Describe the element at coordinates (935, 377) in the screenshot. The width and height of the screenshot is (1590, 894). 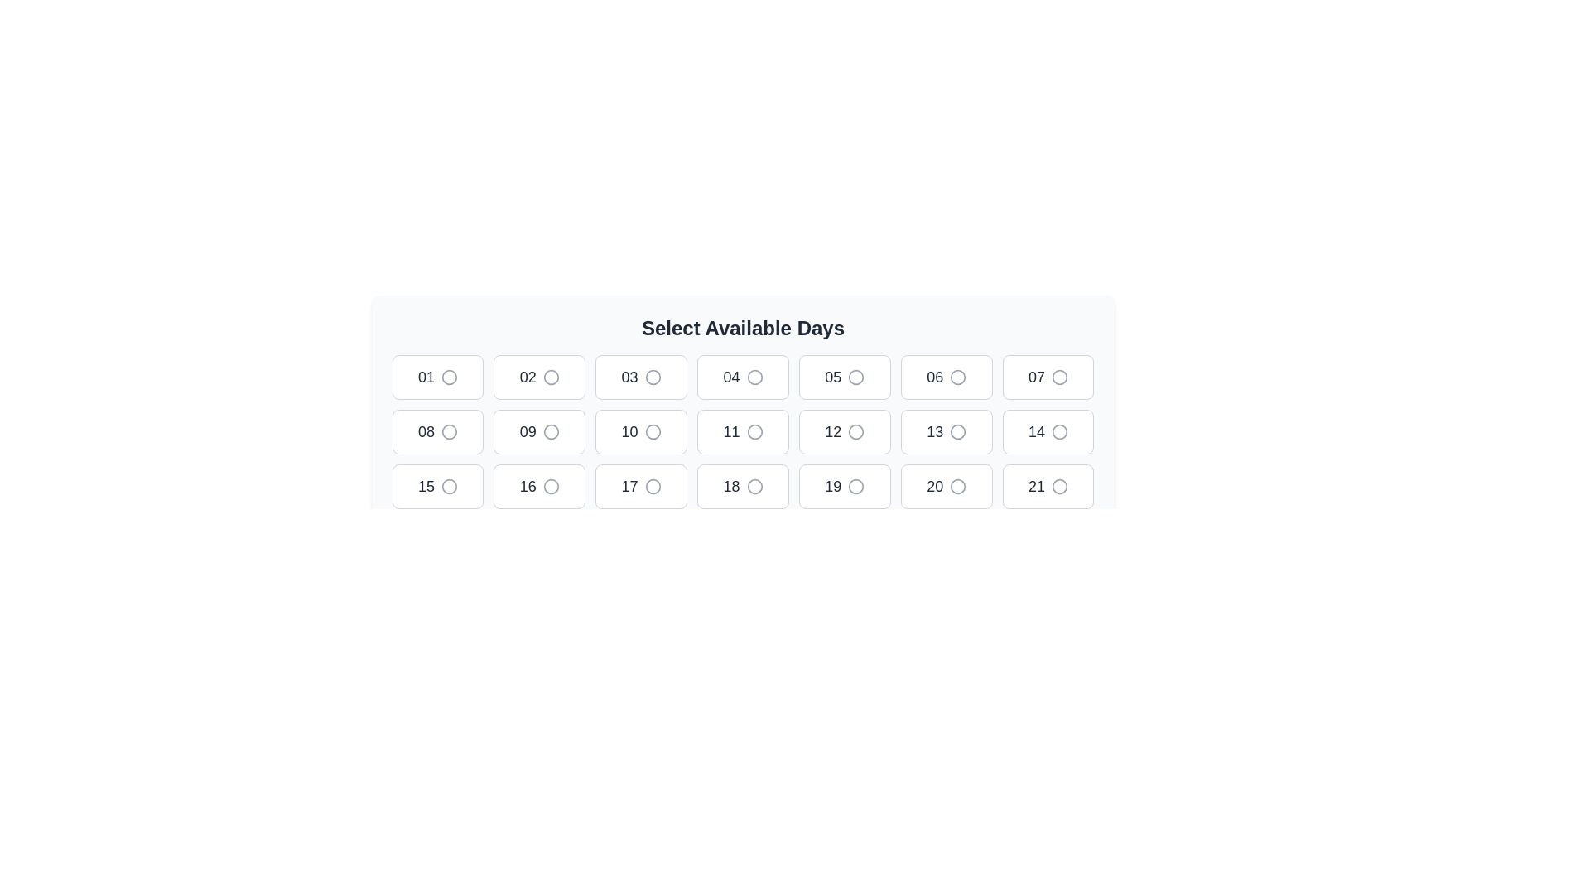
I see `label representing the 6th day of the month located in the first row and sixth column of the grid layout` at that location.